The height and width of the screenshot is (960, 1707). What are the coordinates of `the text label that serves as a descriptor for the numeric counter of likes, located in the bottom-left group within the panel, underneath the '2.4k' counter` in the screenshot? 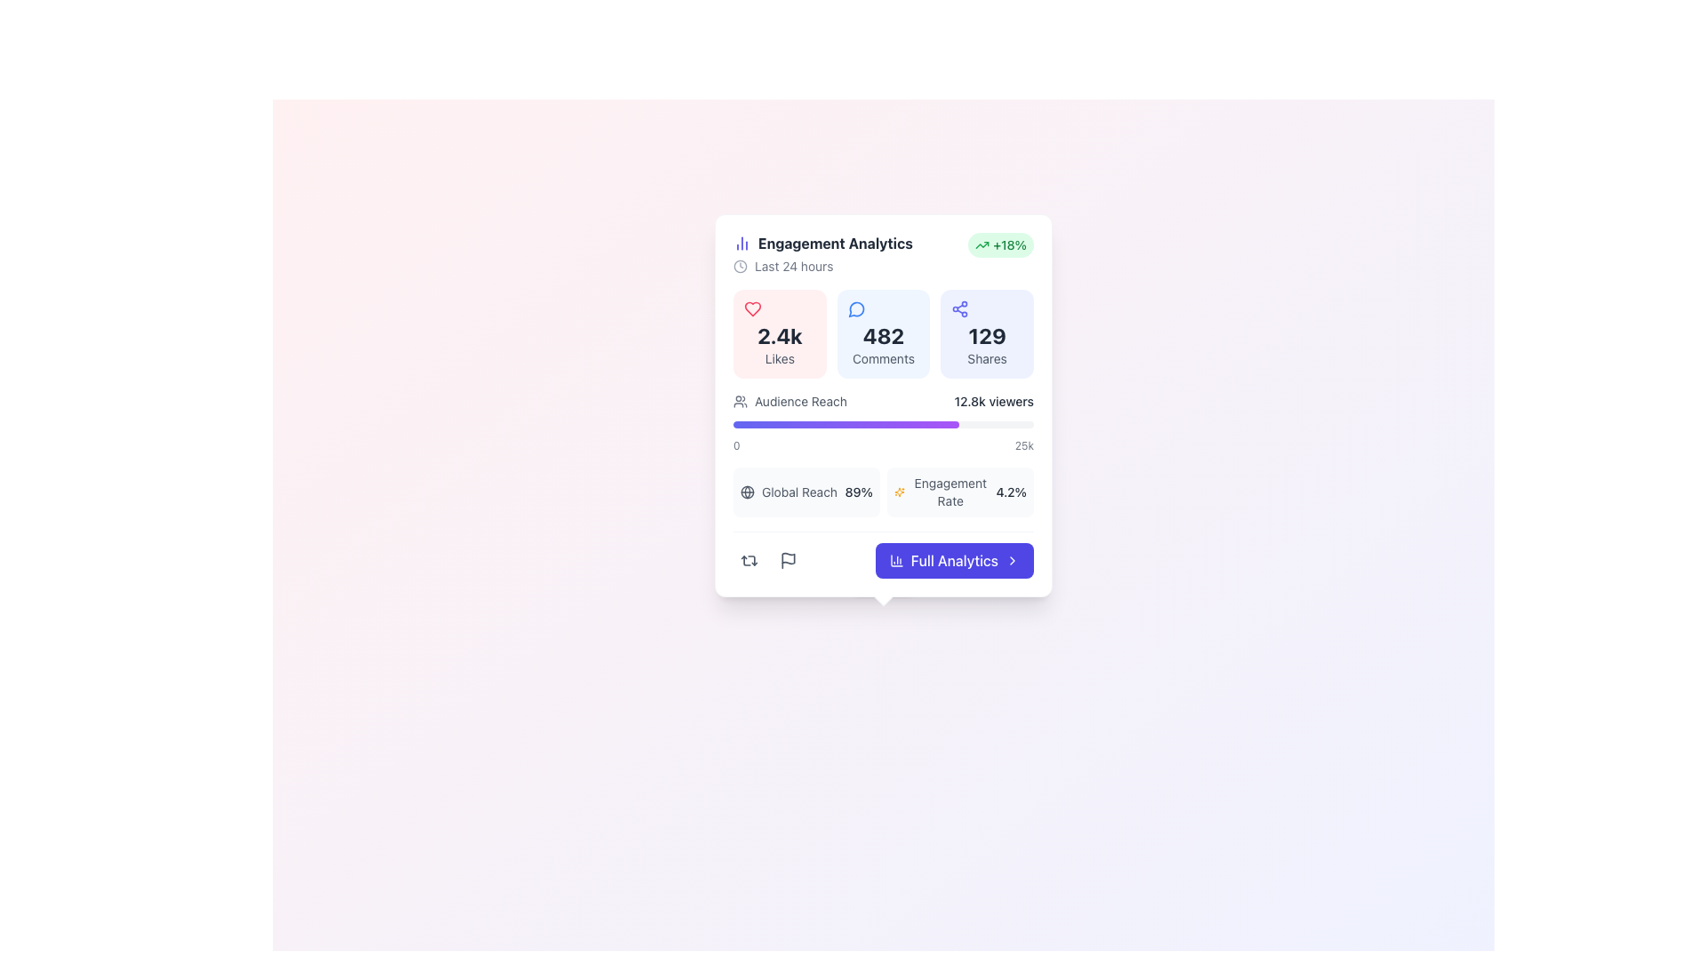 It's located at (780, 359).